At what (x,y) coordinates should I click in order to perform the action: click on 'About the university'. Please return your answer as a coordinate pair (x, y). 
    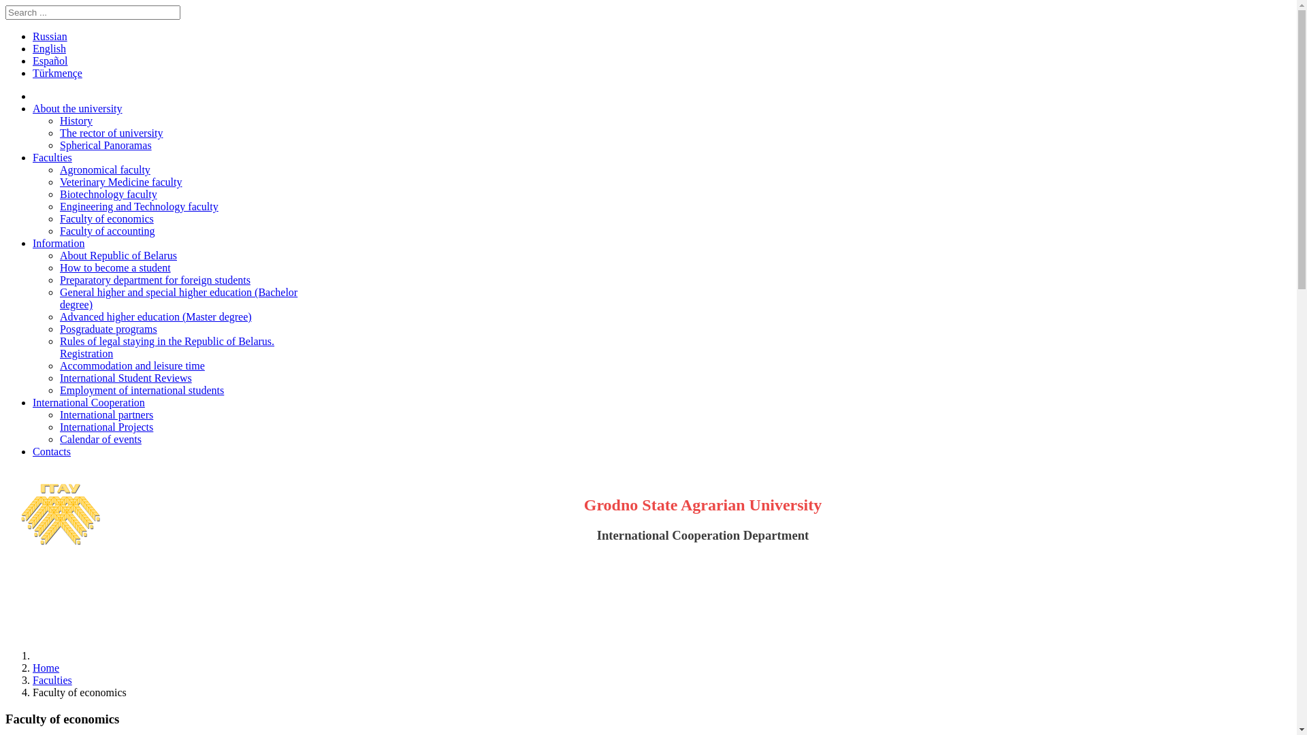
    Looking at the image, I should click on (33, 108).